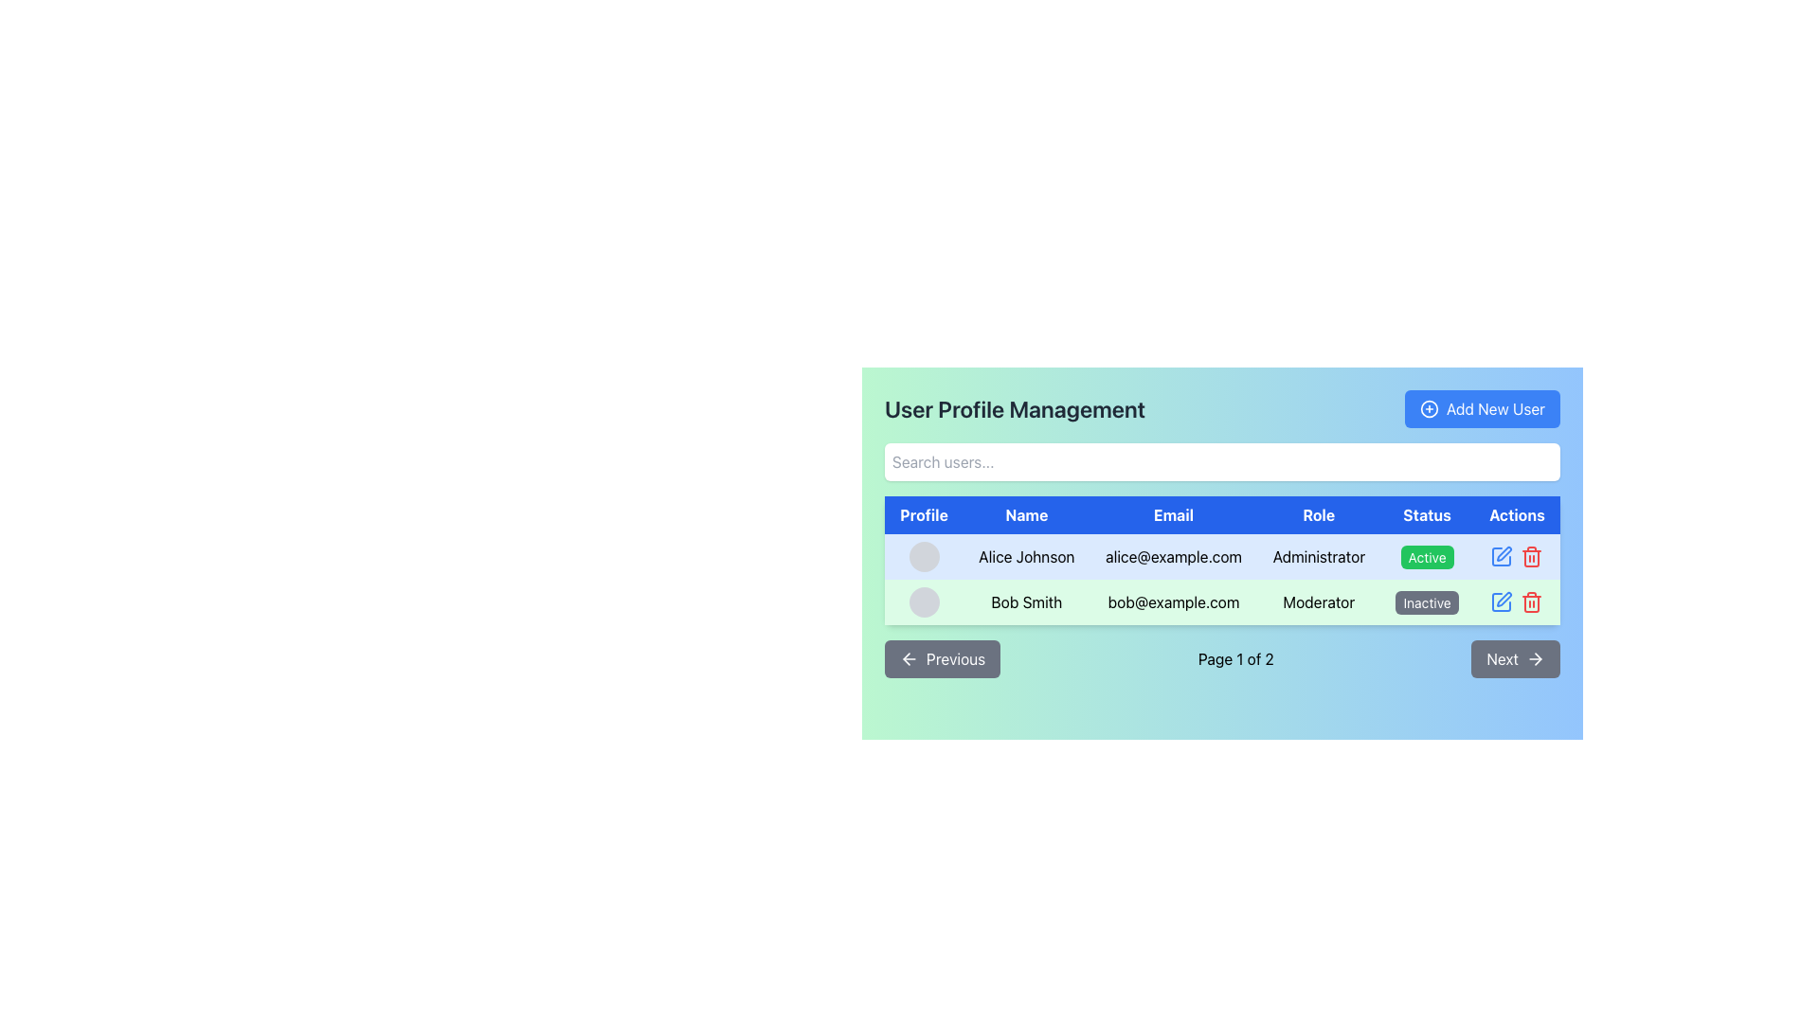 This screenshot has height=1023, width=1819. What do you see at coordinates (1427, 602) in the screenshot?
I see `the 'Inactive' button in the user management table, which has rounded corners and white text on a dark gray background` at bounding box center [1427, 602].